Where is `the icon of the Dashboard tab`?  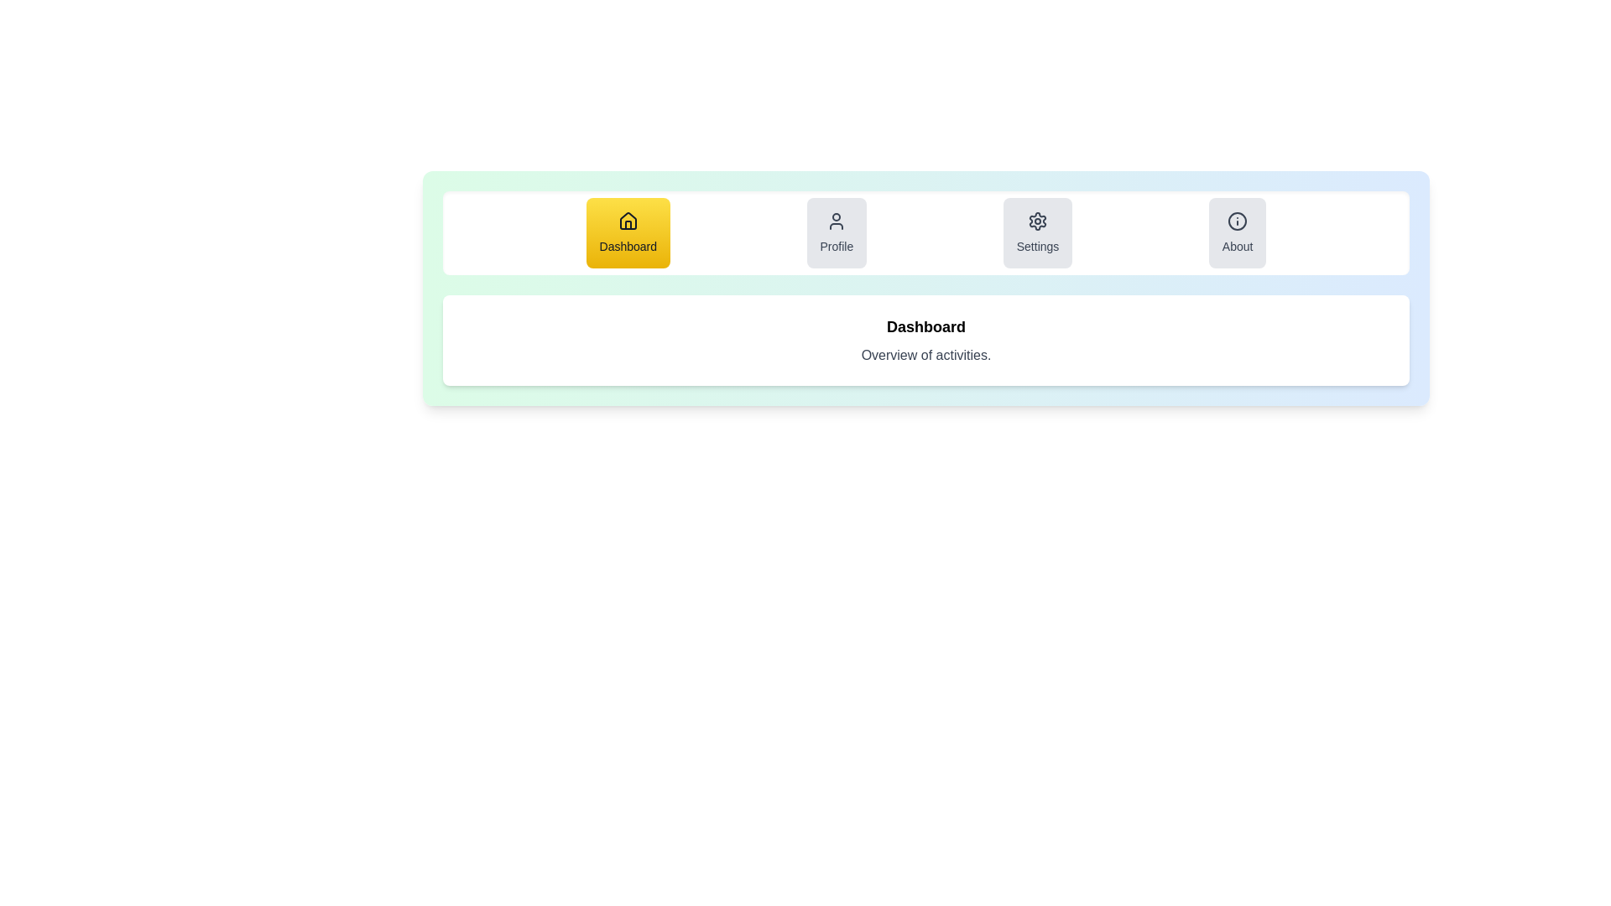 the icon of the Dashboard tab is located at coordinates (627, 220).